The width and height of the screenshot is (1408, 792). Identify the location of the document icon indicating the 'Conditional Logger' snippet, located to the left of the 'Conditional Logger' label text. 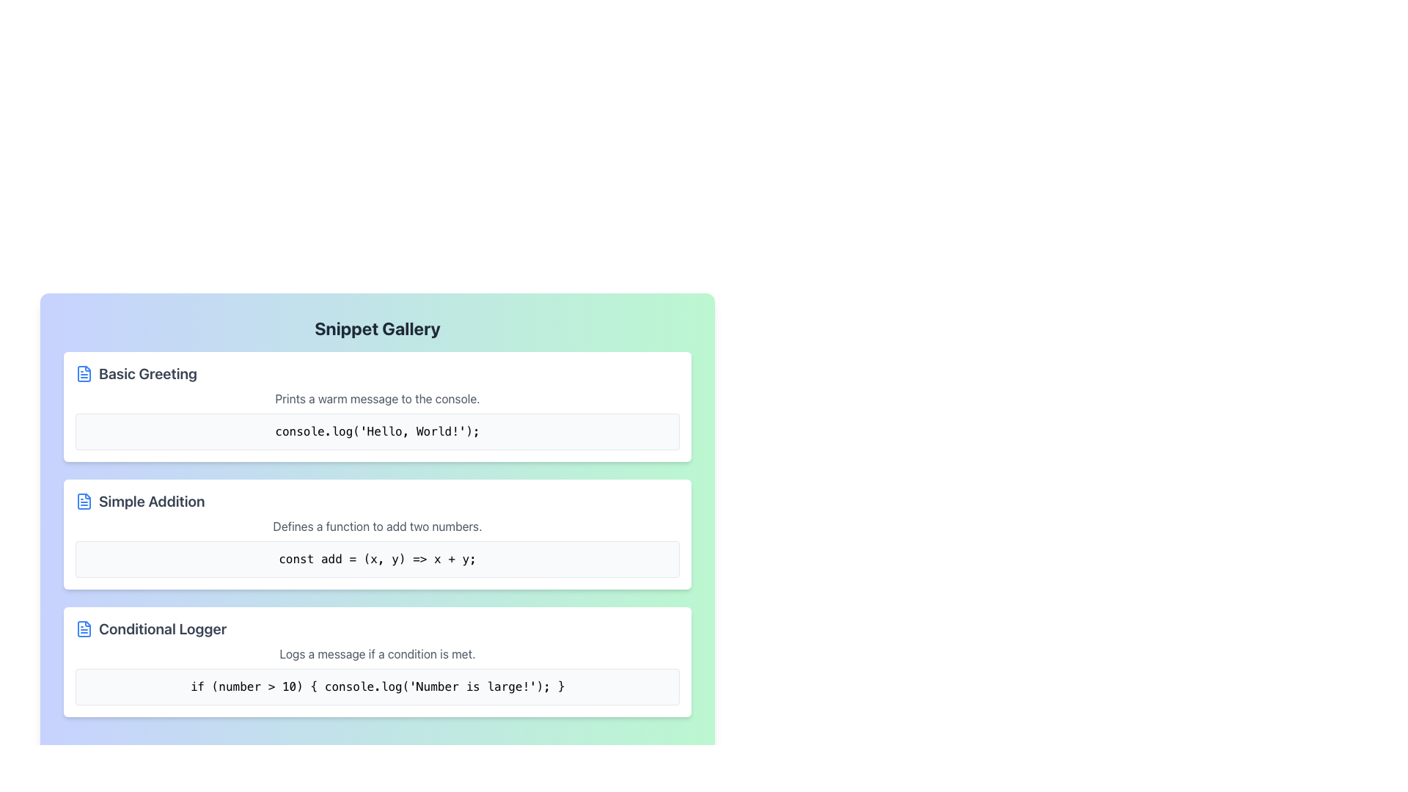
(84, 628).